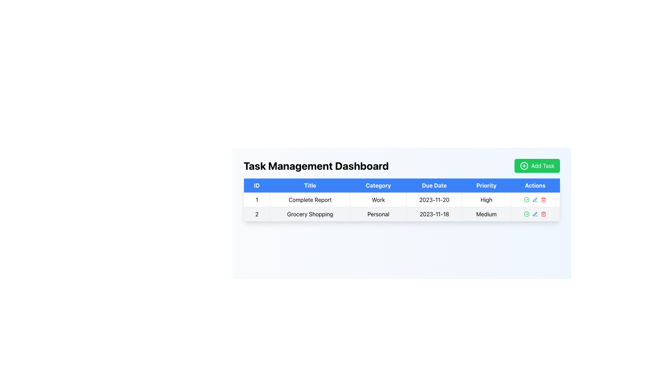 The image size is (672, 378). Describe the element at coordinates (401, 214) in the screenshot. I see `the table row containing the title 'Grocery Shopping', located` at that location.